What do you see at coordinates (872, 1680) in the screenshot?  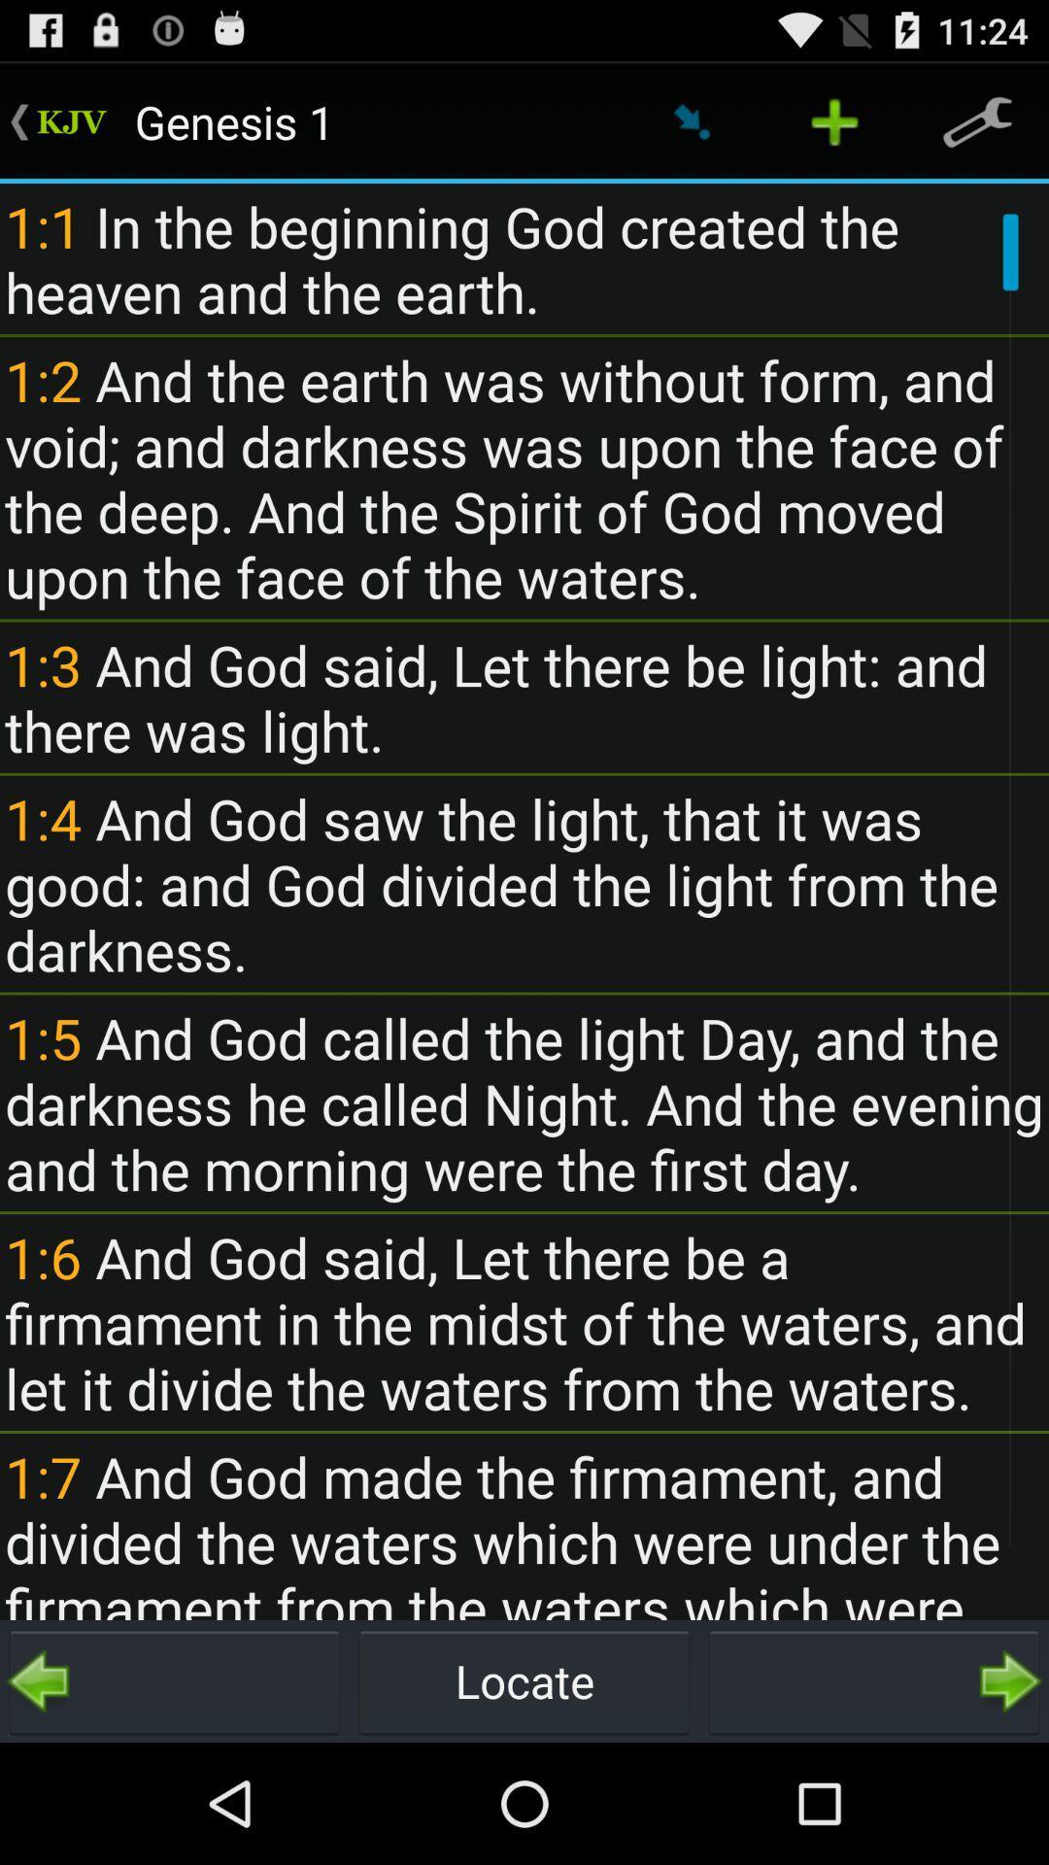 I see `the item at the bottom right corner` at bounding box center [872, 1680].